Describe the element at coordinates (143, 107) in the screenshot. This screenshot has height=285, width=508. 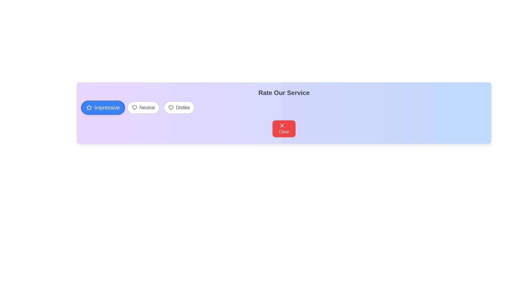
I see `the button labeled Neutral to observe its hover effect` at that location.